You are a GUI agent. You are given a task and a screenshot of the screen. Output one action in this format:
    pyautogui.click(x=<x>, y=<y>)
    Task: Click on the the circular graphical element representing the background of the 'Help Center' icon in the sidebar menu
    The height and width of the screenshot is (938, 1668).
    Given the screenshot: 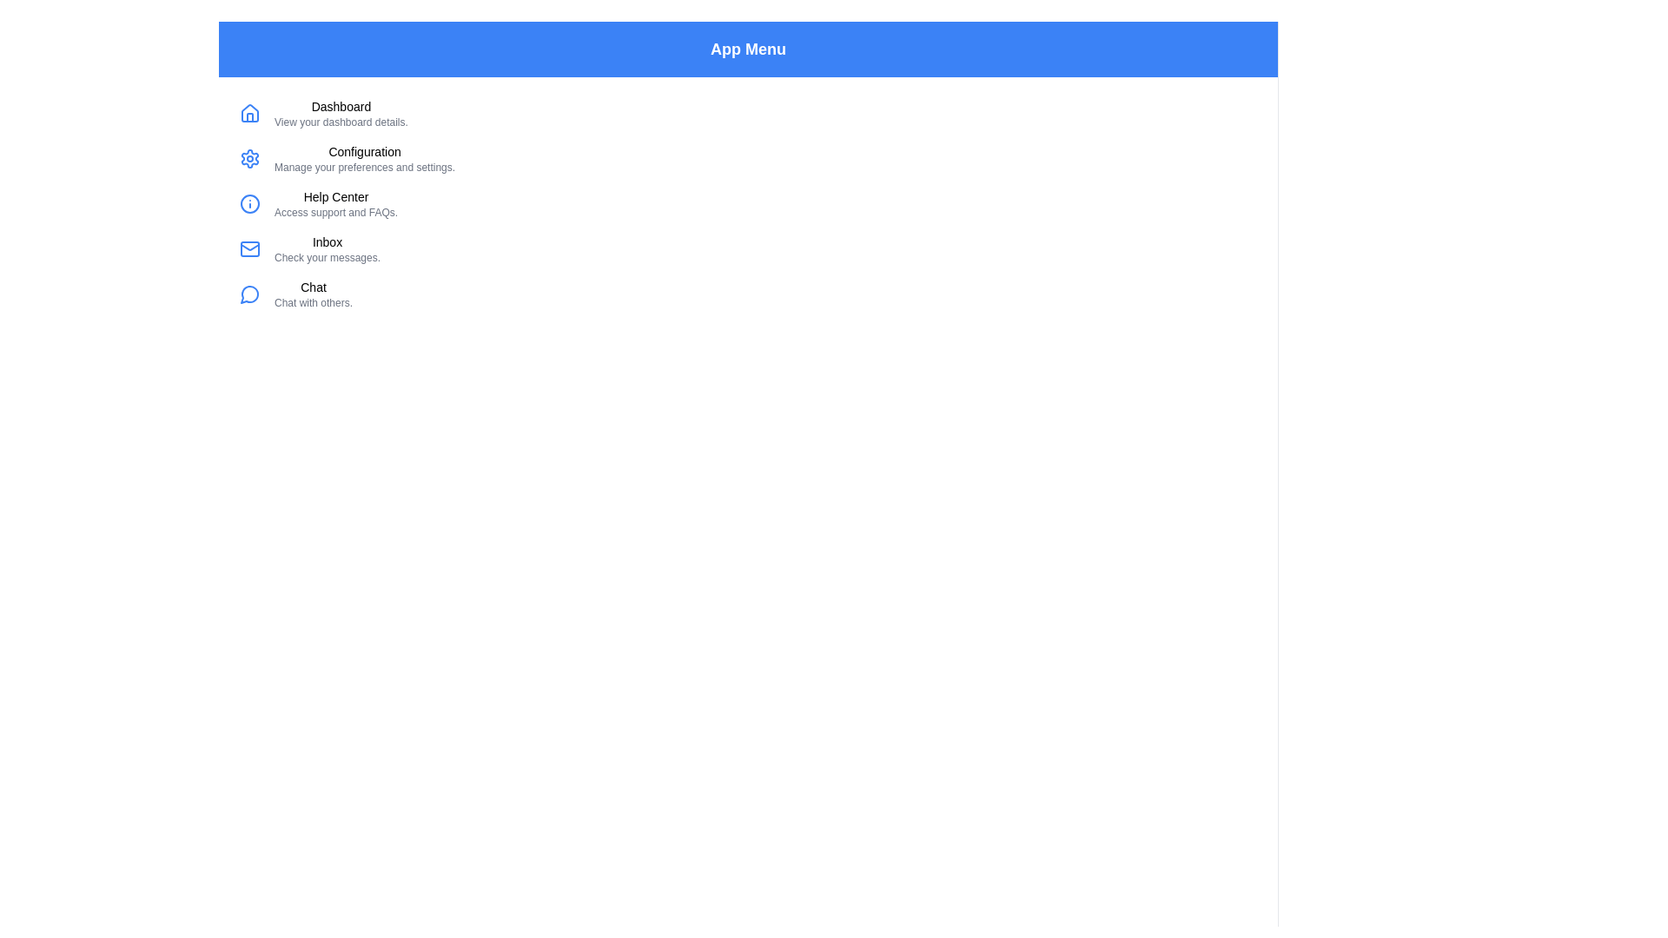 What is the action you would take?
    pyautogui.click(x=249, y=203)
    